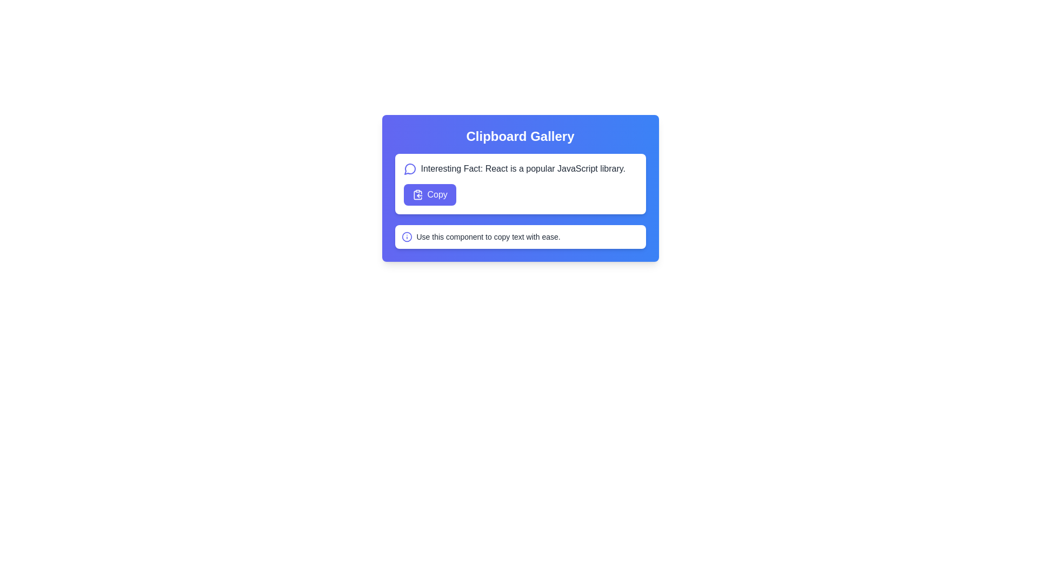 This screenshot has height=583, width=1038. What do you see at coordinates (417, 195) in the screenshot?
I see `the clipboard icon on the blue 'Copy' button located below the text 'Interesting Fact: React is a popular JavaScript library'` at bounding box center [417, 195].